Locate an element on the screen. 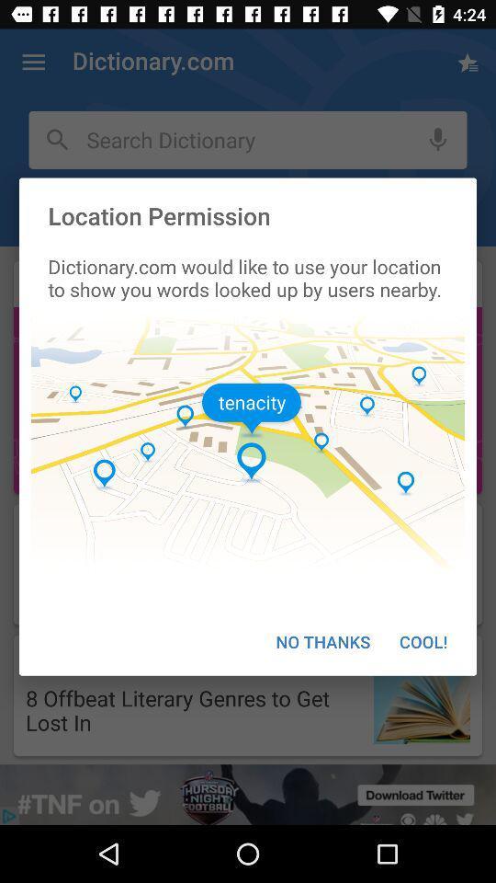 This screenshot has width=496, height=883. the no thanks at the bottom is located at coordinates (321, 641).